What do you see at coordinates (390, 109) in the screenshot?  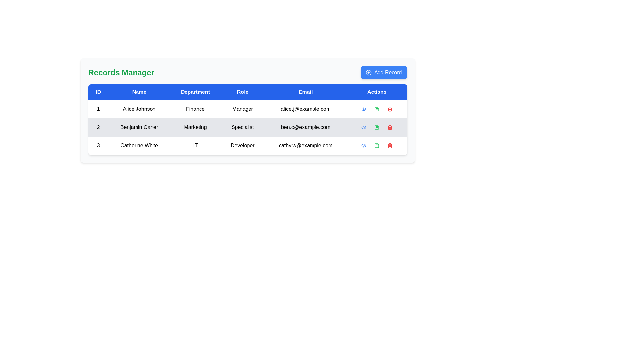 I see `the red icon button with a trash symbol located in the actions column of the first row of the table` at bounding box center [390, 109].